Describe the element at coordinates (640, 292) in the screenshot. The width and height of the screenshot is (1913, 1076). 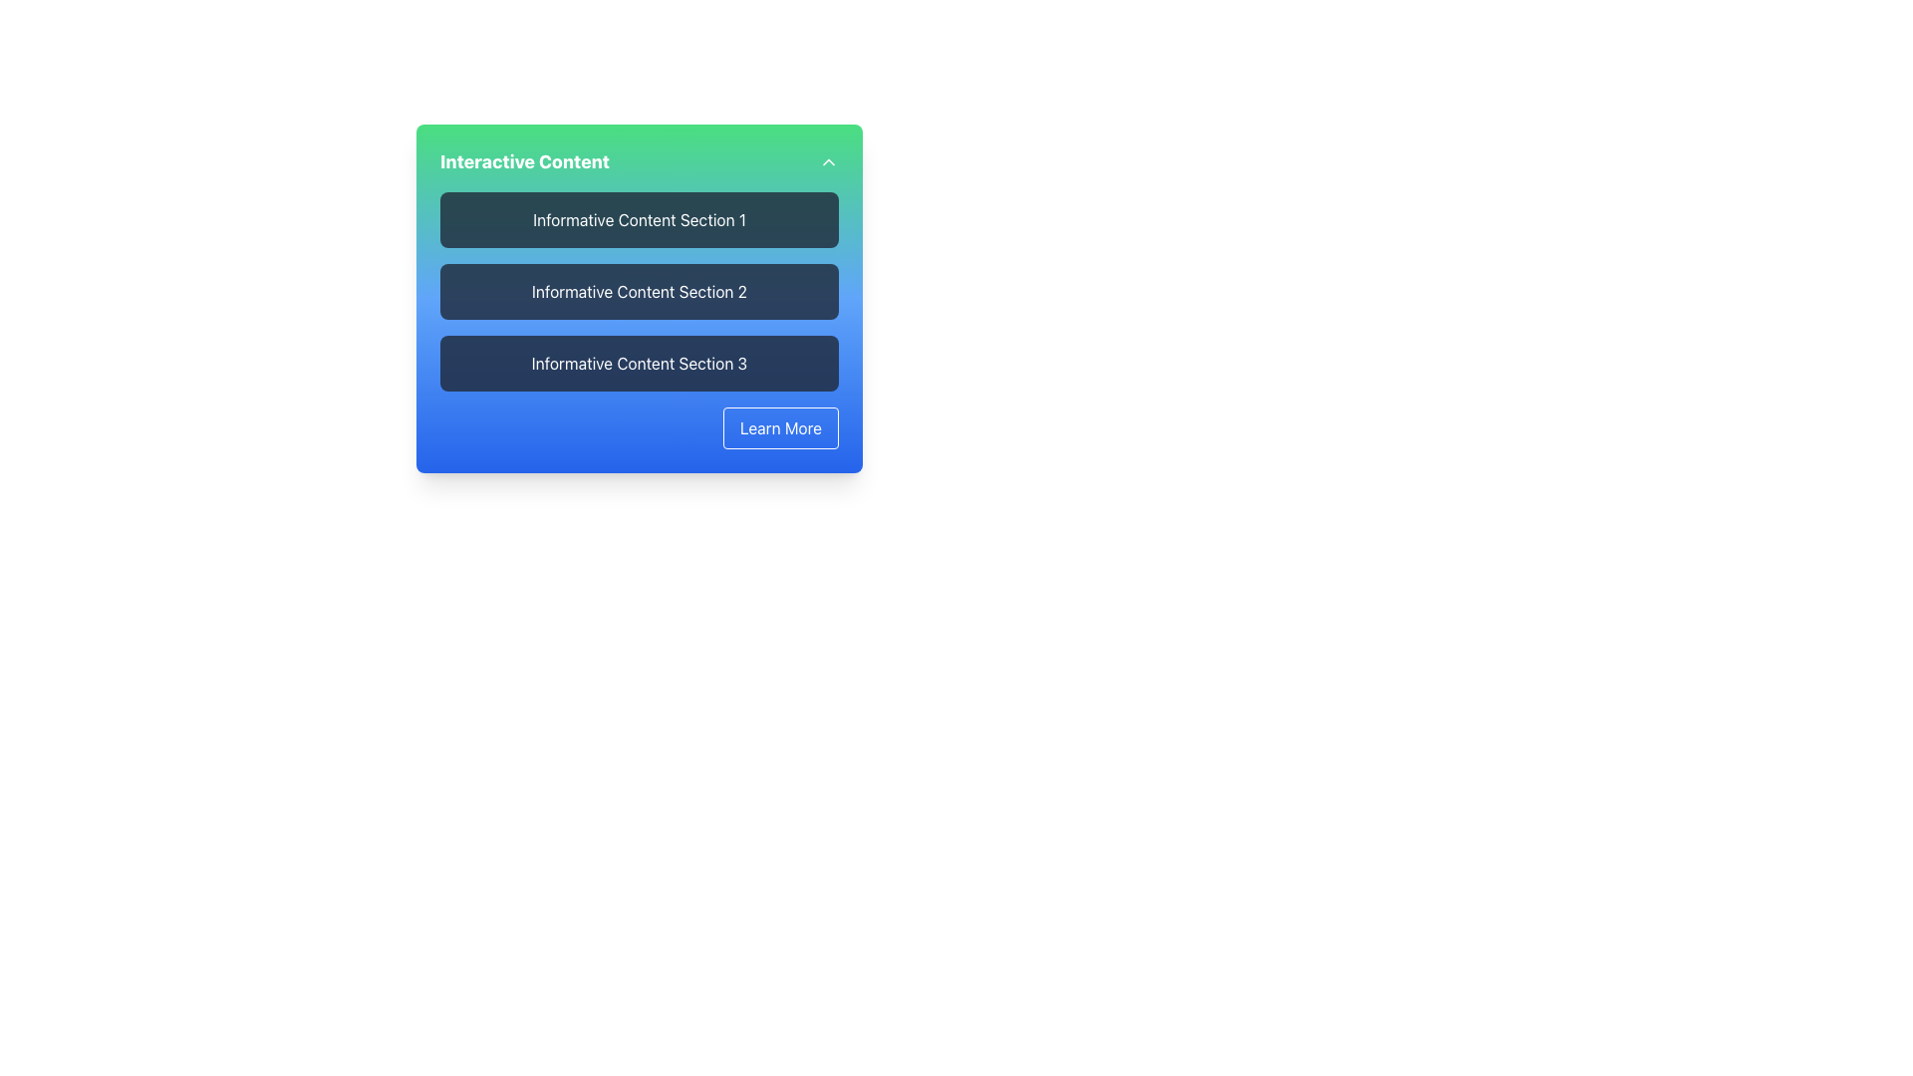
I see `the content display box labeled 'Informative Content Section 2', which is the second item in a vertical list of similar items` at that location.